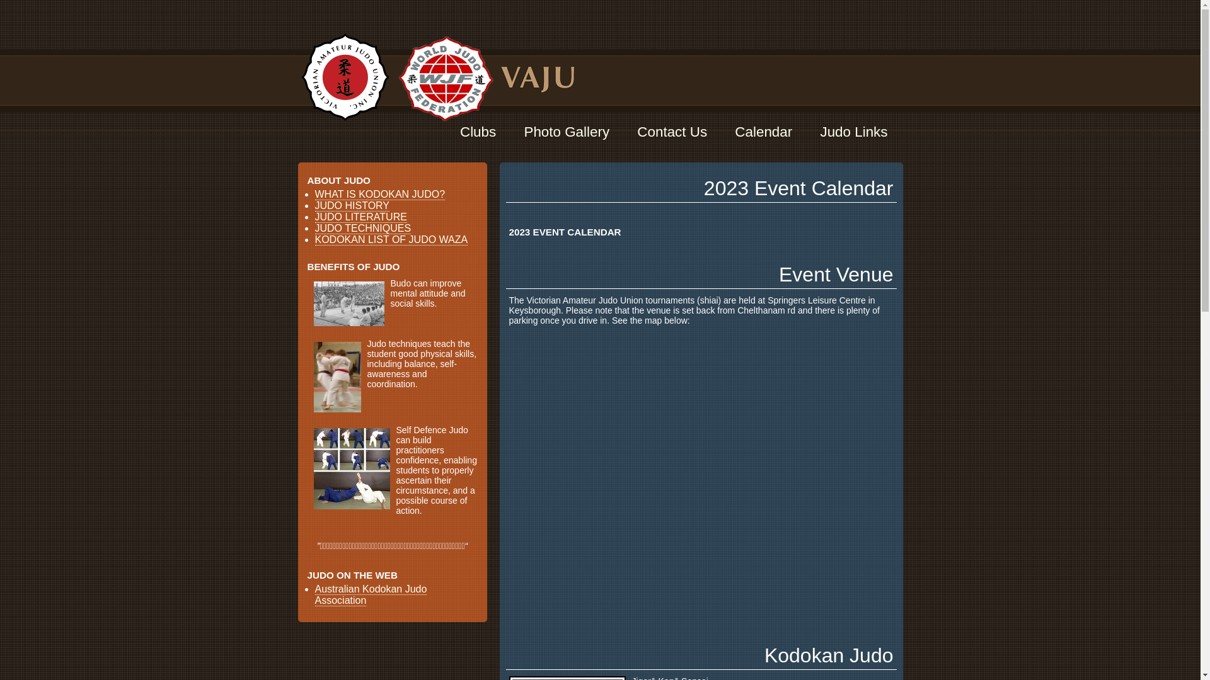 The image size is (1210, 680). Describe the element at coordinates (853, 132) in the screenshot. I see `'Judo Links'` at that location.